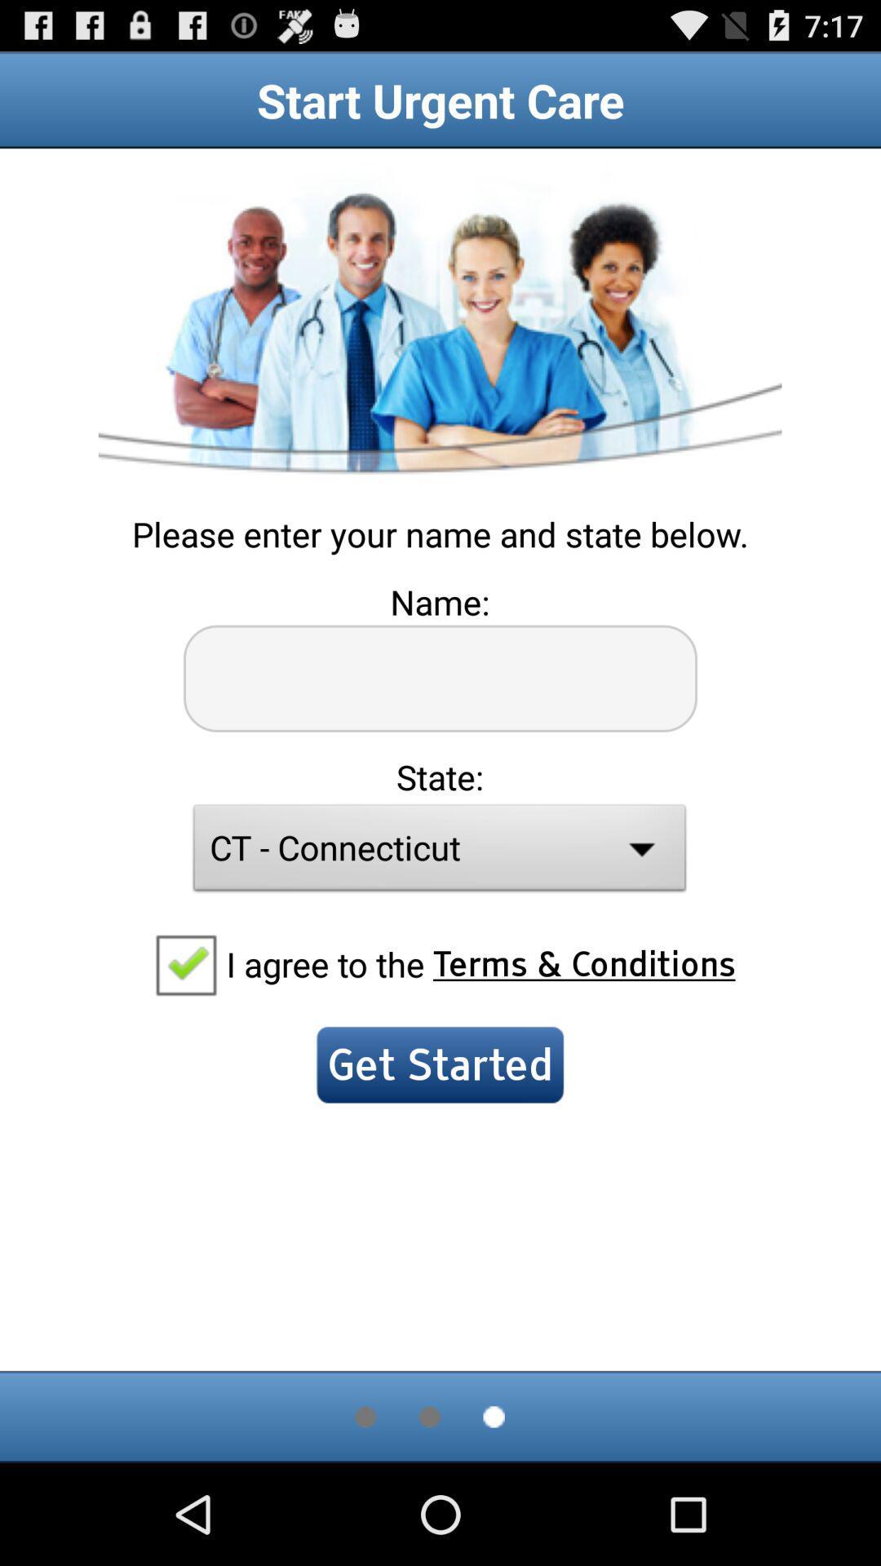 The height and width of the screenshot is (1566, 881). What do you see at coordinates (184, 963) in the screenshot?
I see `agree to terms and conditions` at bounding box center [184, 963].